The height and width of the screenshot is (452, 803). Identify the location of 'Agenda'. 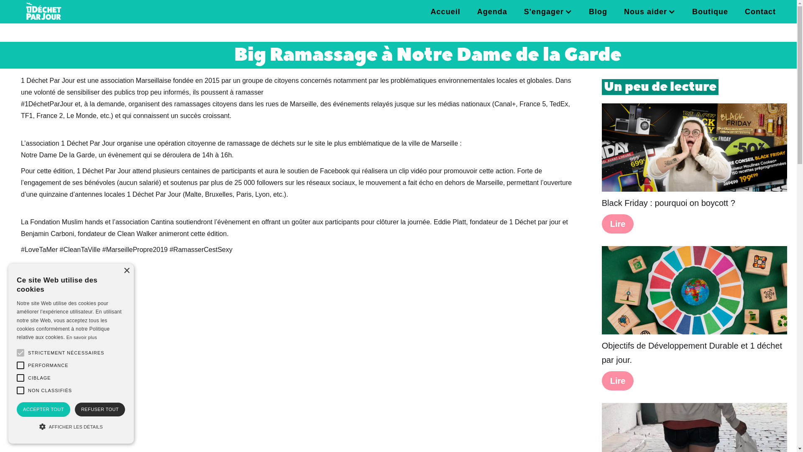
(492, 11).